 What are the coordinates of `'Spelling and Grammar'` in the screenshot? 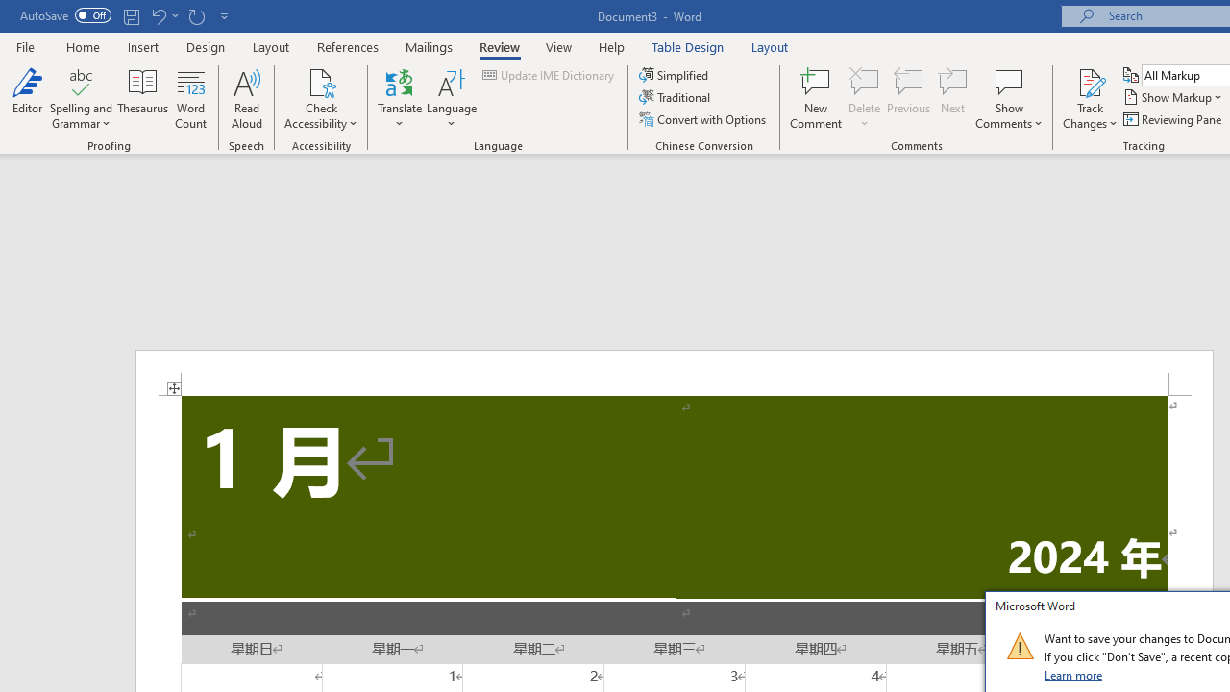 It's located at (81, 99).